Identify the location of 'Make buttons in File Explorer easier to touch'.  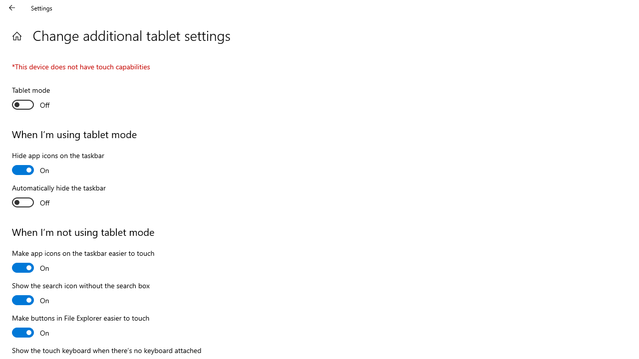
(80, 327).